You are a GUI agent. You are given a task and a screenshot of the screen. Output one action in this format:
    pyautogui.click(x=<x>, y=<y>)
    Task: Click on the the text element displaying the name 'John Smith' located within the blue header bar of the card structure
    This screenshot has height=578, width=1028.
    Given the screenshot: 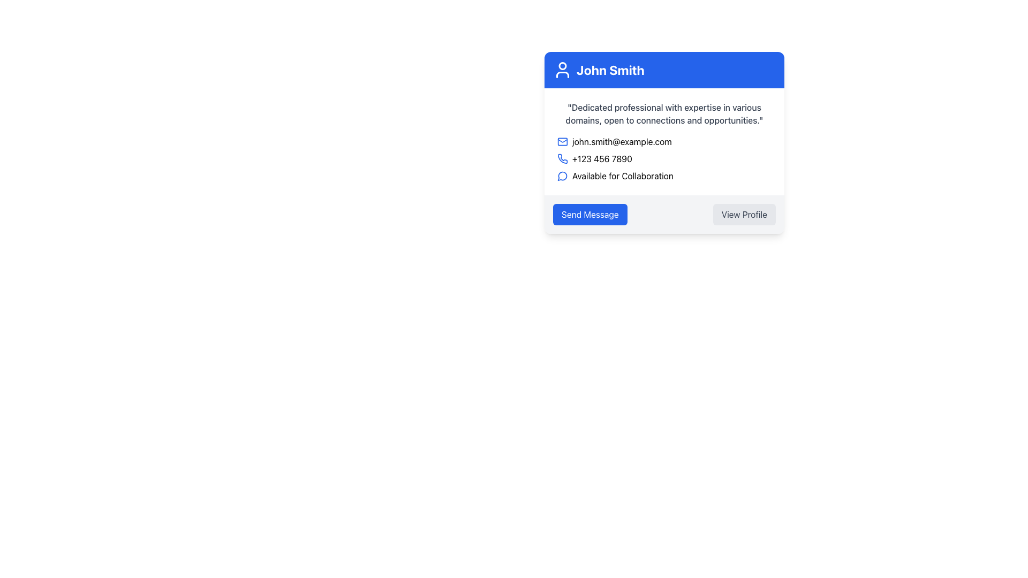 What is the action you would take?
    pyautogui.click(x=610, y=70)
    